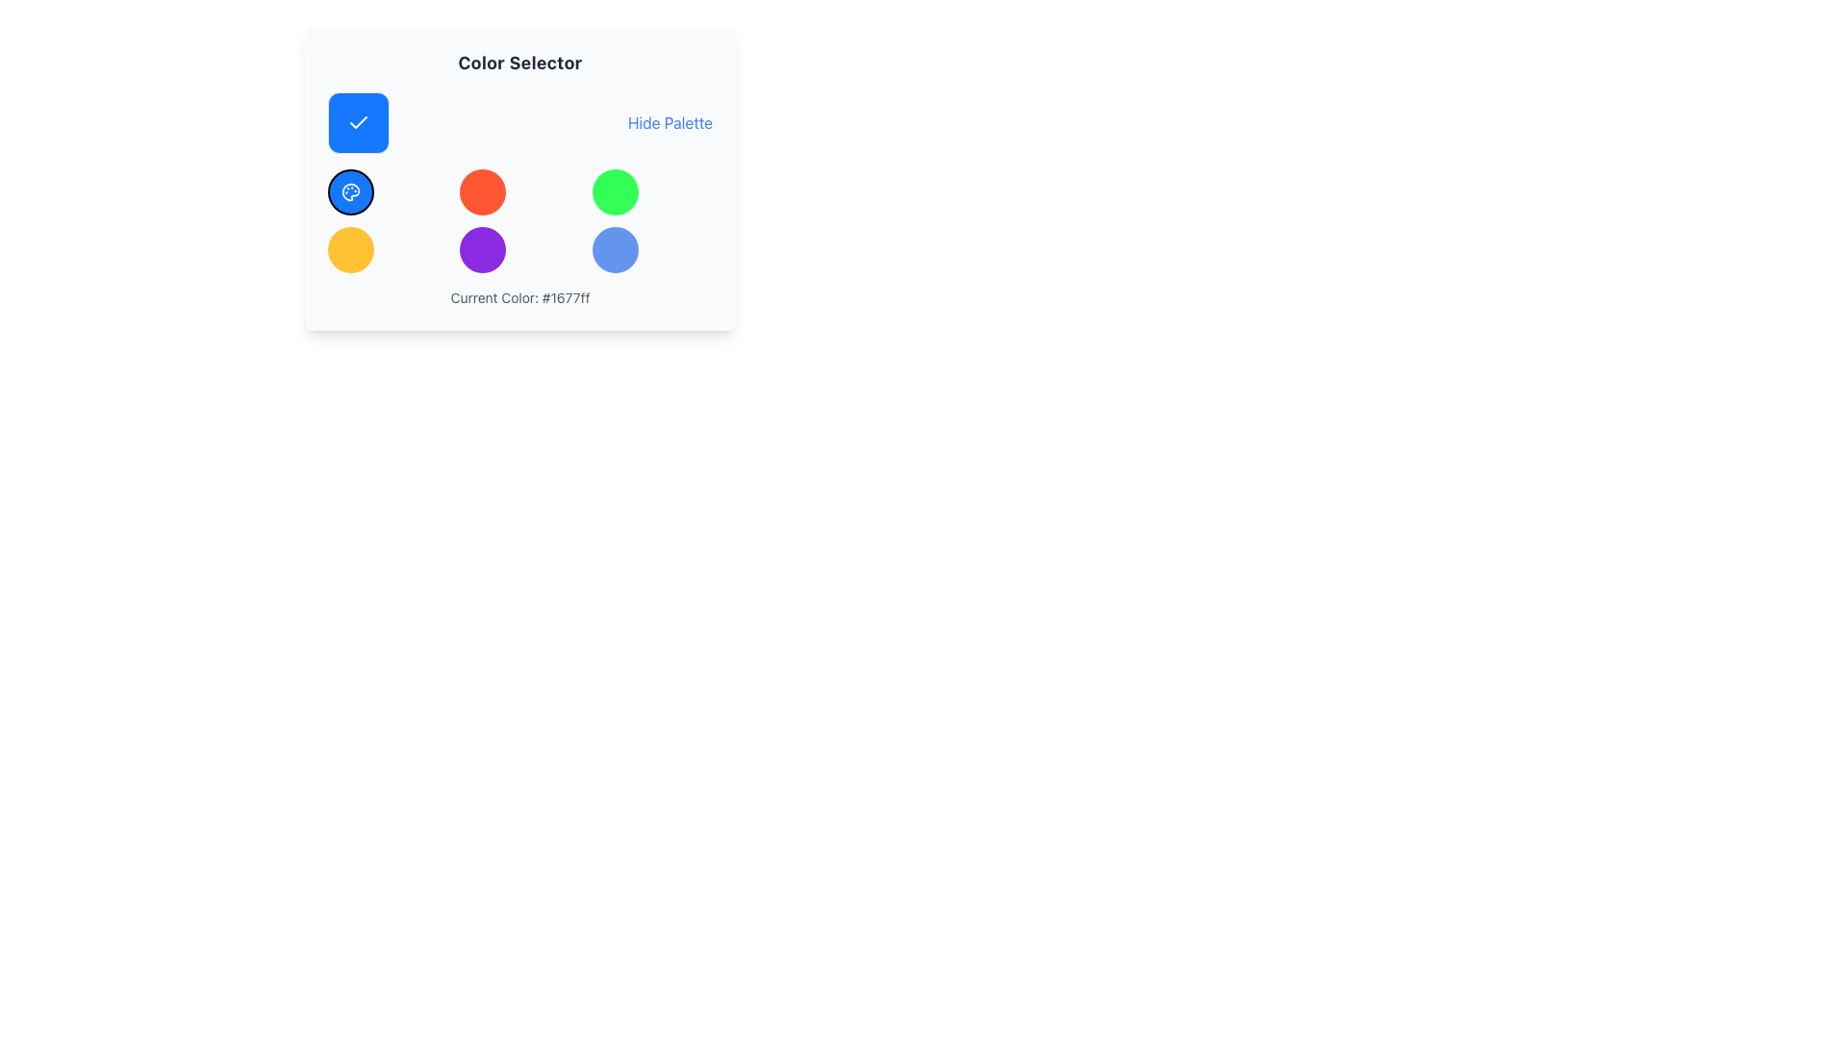 Image resolution: width=1847 pixels, height=1039 pixels. Describe the element at coordinates (483, 192) in the screenshot. I see `the button in the color selection interface` at that location.